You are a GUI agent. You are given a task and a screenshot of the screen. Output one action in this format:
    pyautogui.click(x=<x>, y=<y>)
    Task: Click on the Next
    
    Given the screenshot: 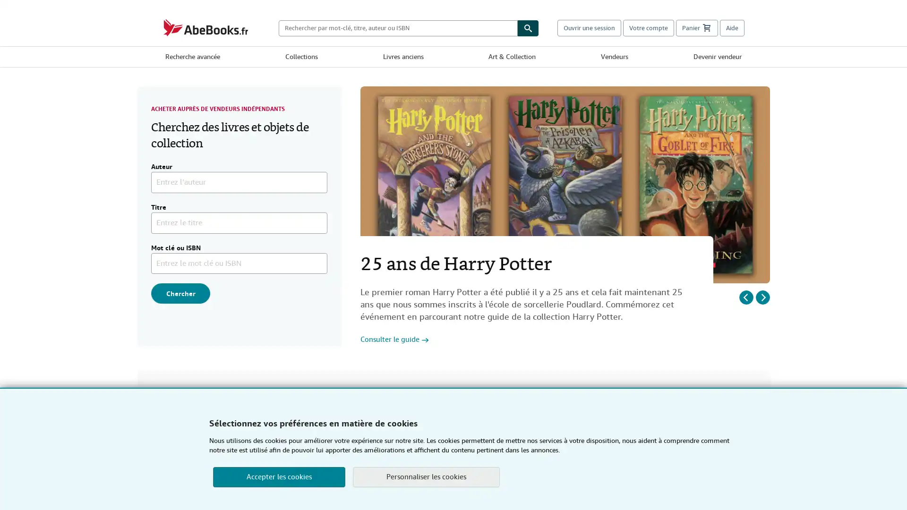 What is the action you would take?
    pyautogui.click(x=762, y=296)
    